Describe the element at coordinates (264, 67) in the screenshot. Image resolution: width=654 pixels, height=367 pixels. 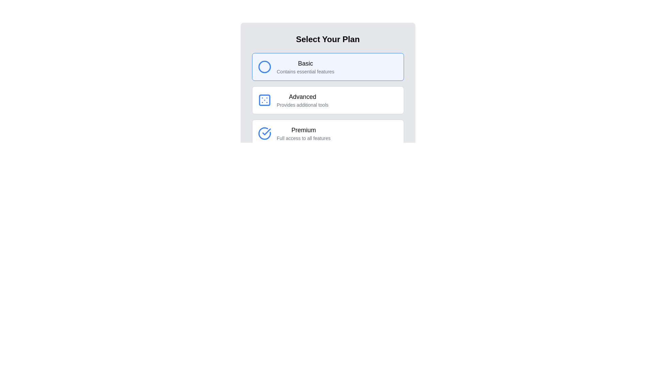
I see `the decorative SVG circle graphic representing the Basic plan, which is the first in the list of plans displayed vertically in the interface` at that location.